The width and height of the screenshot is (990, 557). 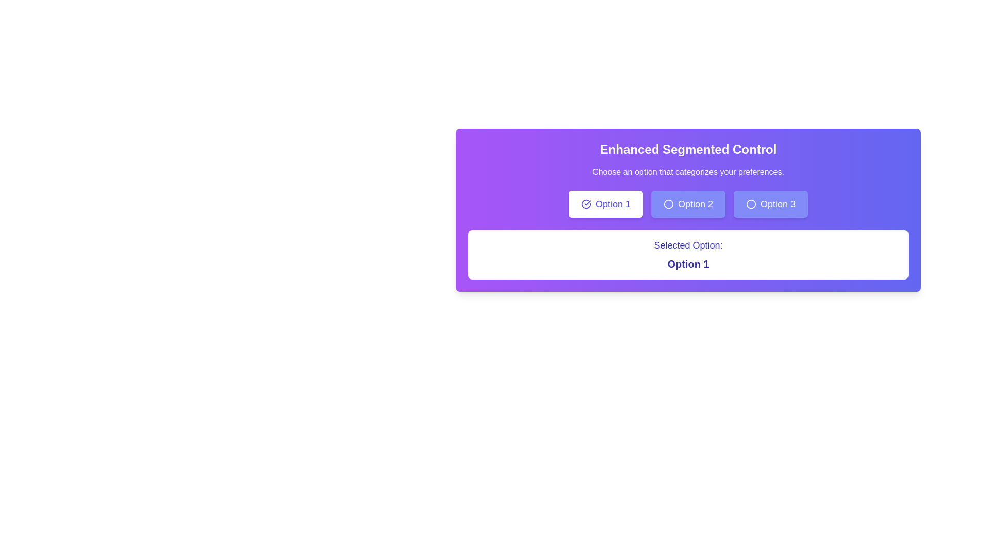 What do you see at coordinates (688, 245) in the screenshot?
I see `the Text Label displaying 'Selected Option:' which is styled in indigo color and positioned within a light-colored box, located above 'Option 1'` at bounding box center [688, 245].